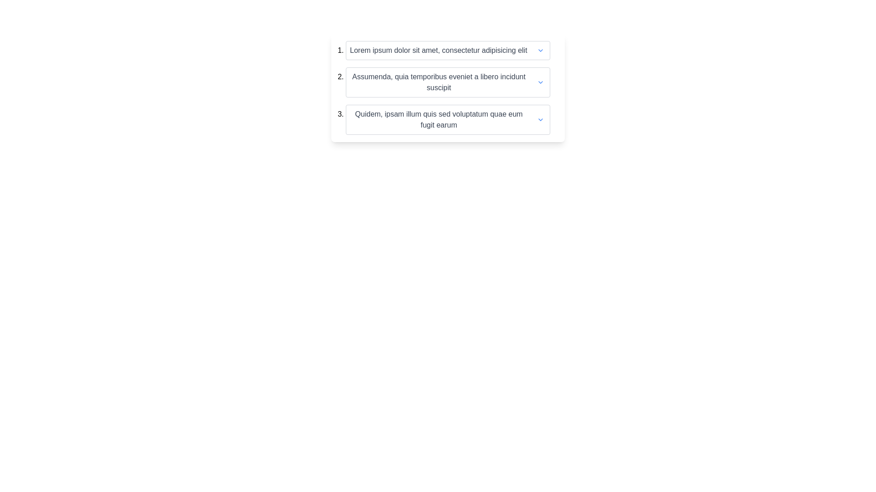 Image resolution: width=876 pixels, height=492 pixels. I want to click on the Dropdown Header labeled 'Assumenda, quia temporibus eveniet a libero incidunt suscipit', so click(448, 82).